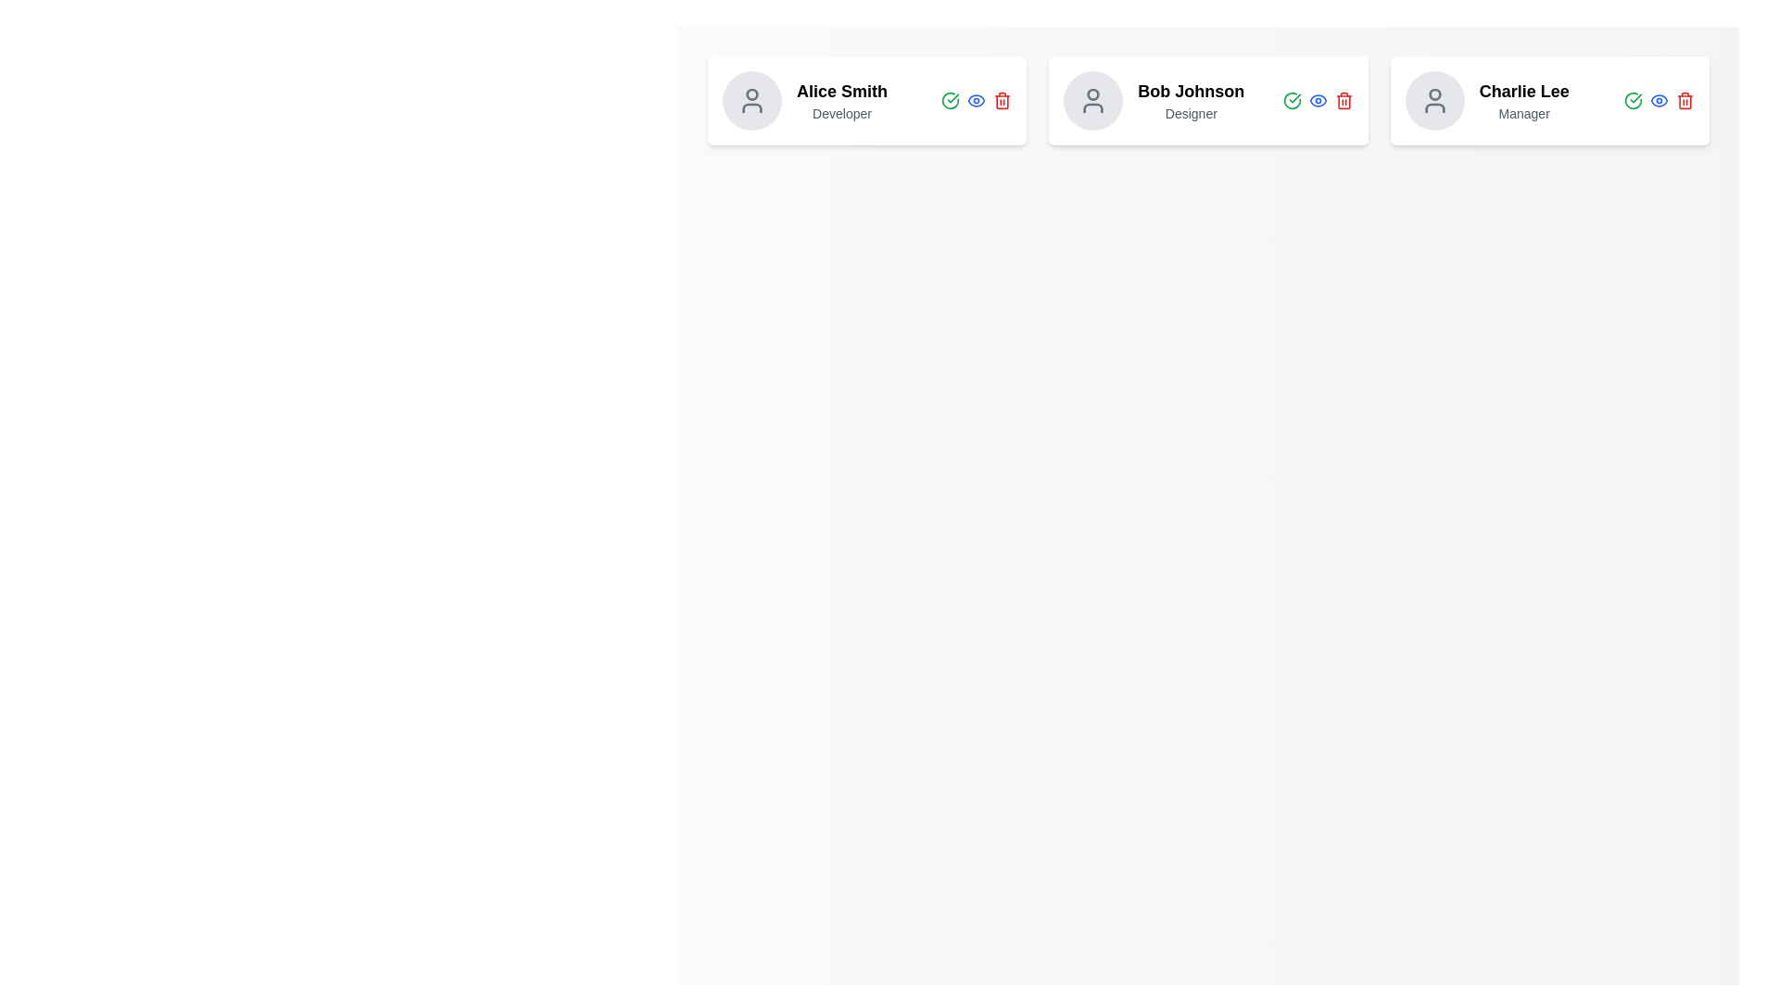 The image size is (1779, 1000). Describe the element at coordinates (1344, 100) in the screenshot. I see `the red trash icon button to initiate a delete action for the user 'Bob Johnson'` at that location.